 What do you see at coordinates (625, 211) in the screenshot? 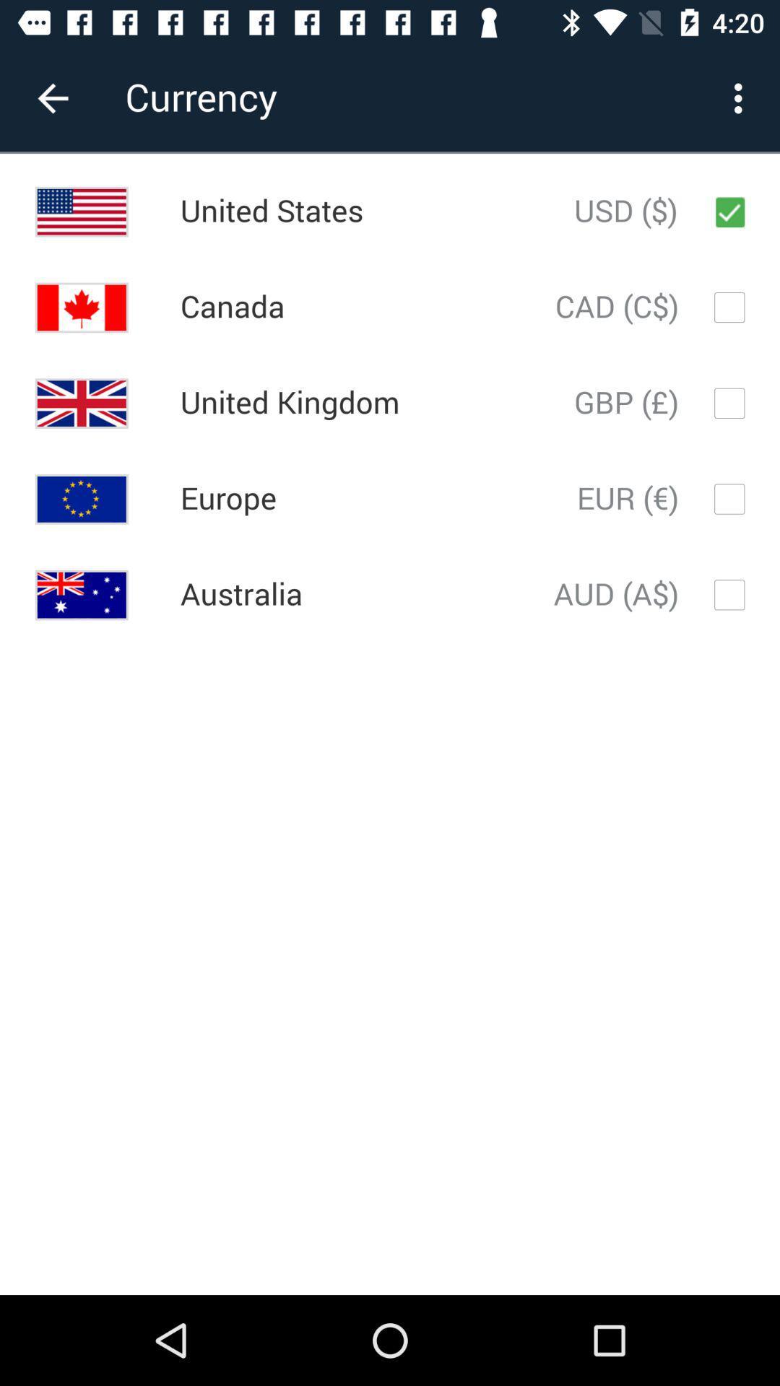
I see `the usd ($) icon` at bounding box center [625, 211].